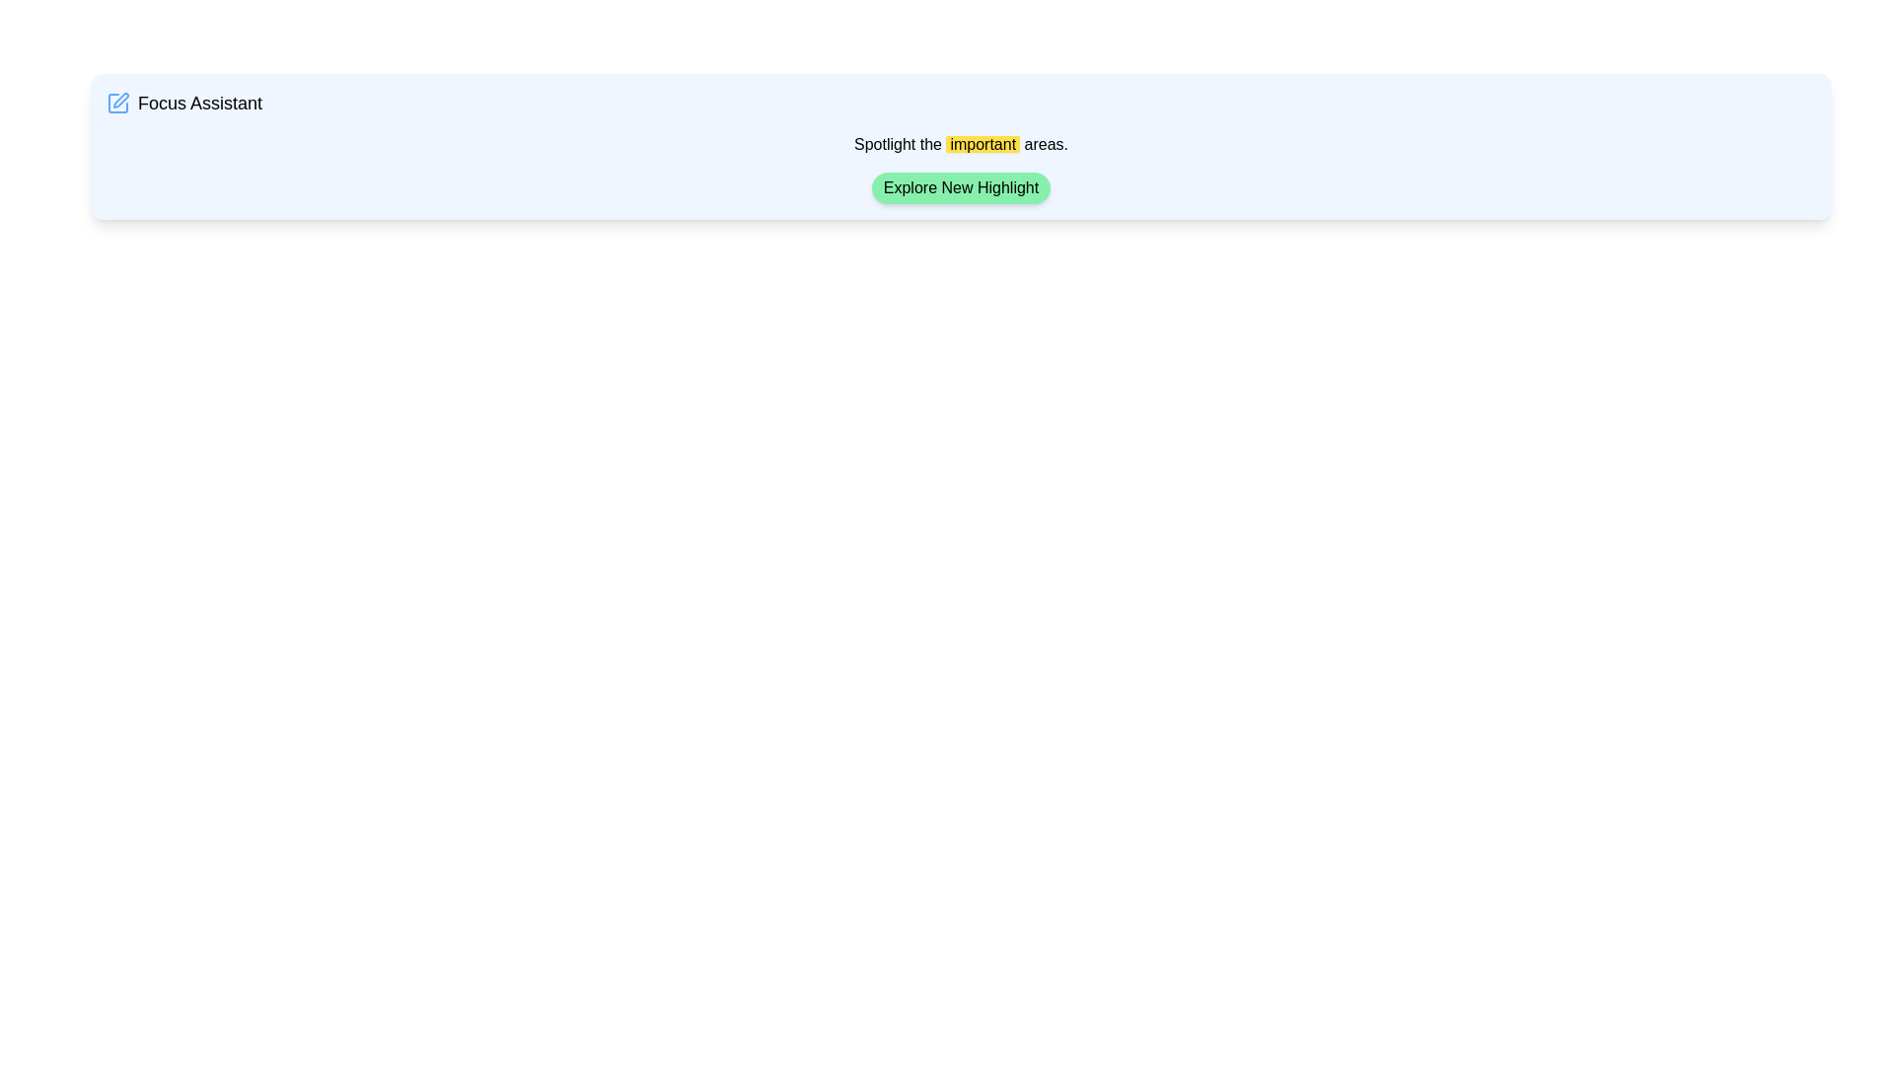 Image resolution: width=1894 pixels, height=1065 pixels. Describe the element at coordinates (120, 100) in the screenshot. I see `the vector-based icon located at the top-left section of the interface, preceding the 'Focus Assistant' text` at that location.